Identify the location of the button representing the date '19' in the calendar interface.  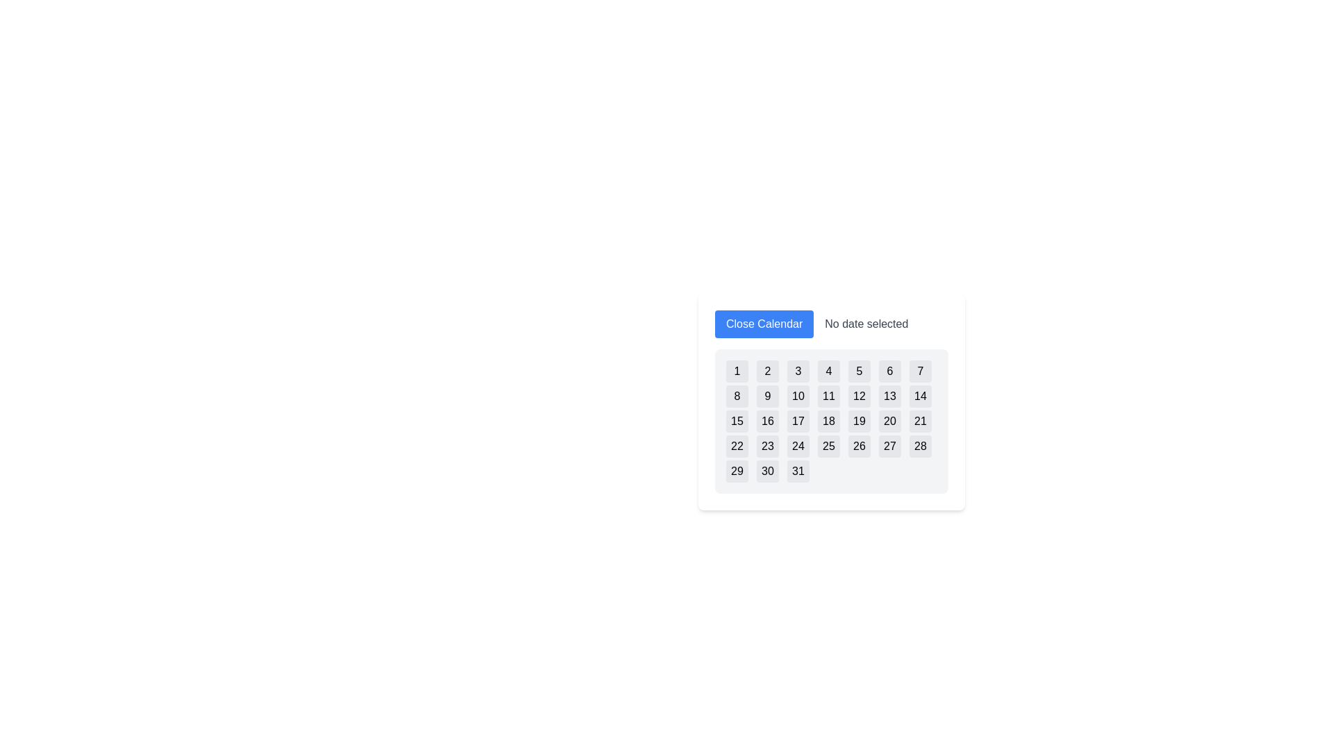
(859, 420).